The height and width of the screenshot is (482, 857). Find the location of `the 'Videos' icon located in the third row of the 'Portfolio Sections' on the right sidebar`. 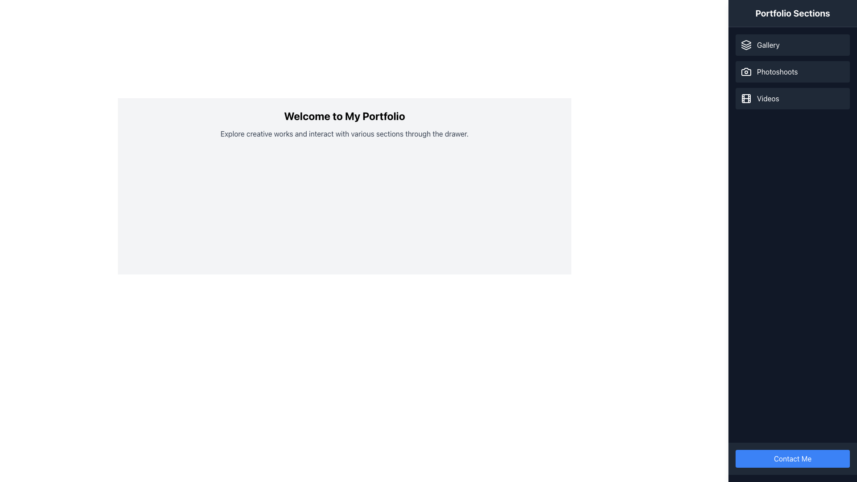

the 'Videos' icon located in the third row of the 'Portfolio Sections' on the right sidebar is located at coordinates (746, 98).